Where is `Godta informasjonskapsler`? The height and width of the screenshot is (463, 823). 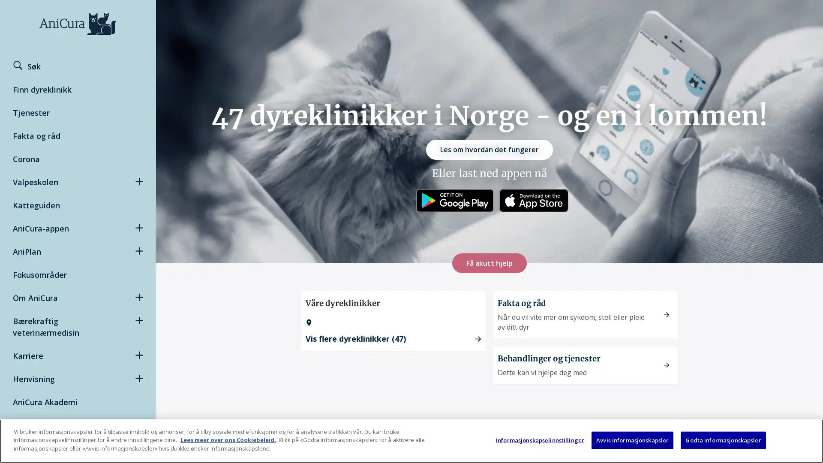 Godta informasjonskapsler is located at coordinates (722, 440).